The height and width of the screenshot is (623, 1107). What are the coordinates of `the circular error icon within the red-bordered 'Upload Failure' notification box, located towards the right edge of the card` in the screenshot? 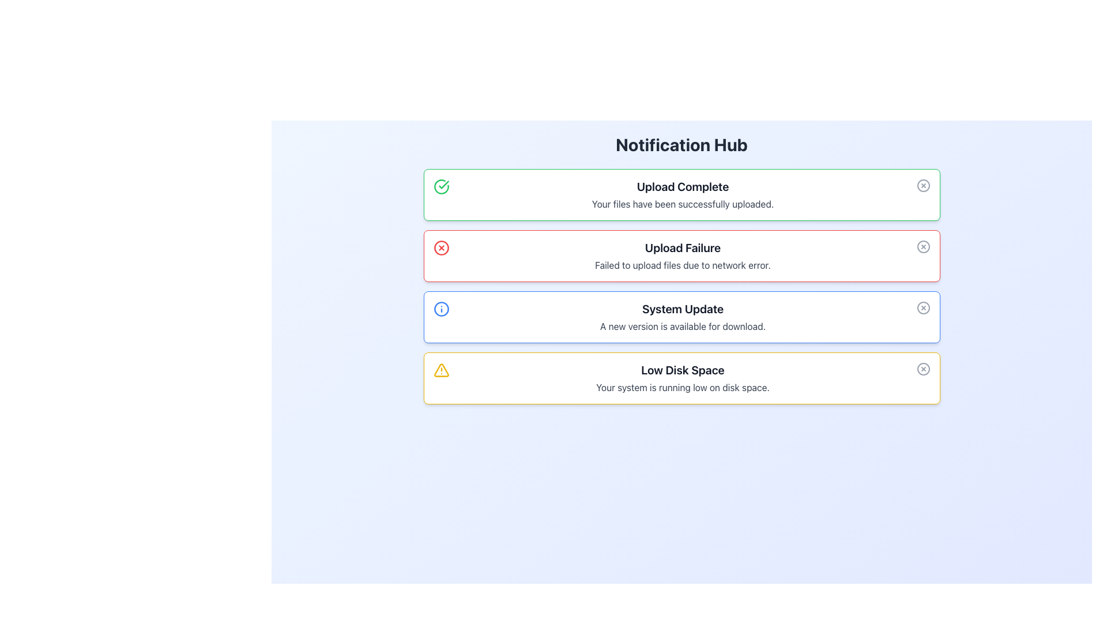 It's located at (923, 246).